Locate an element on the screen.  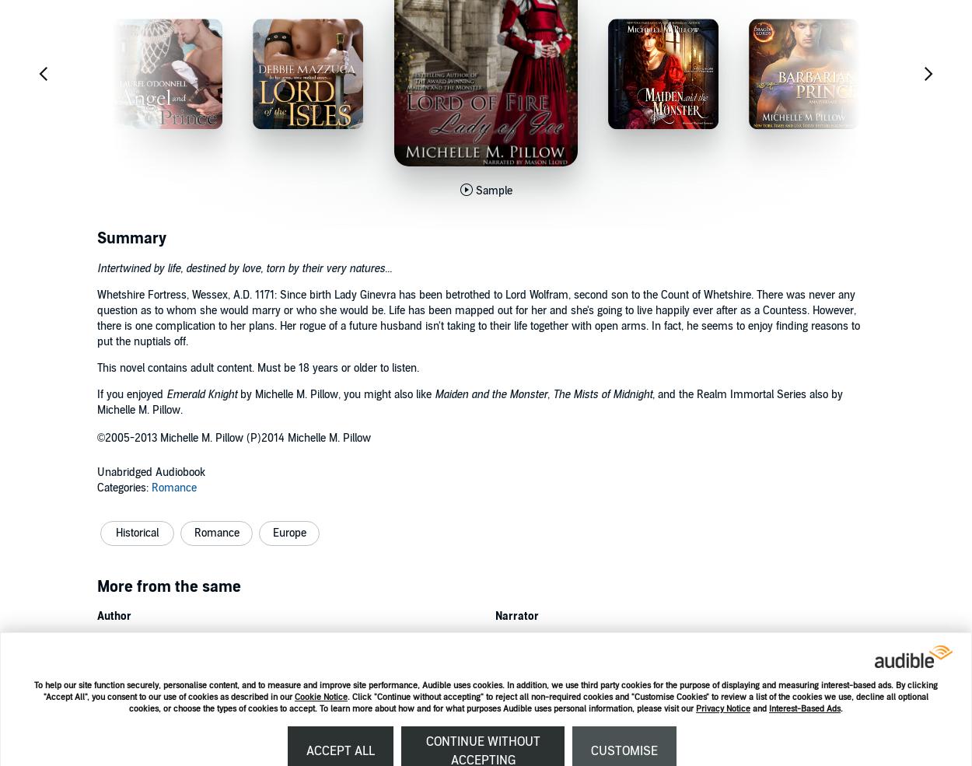
'Fooled Around and Spelled in Love' is located at coordinates (179, 638).